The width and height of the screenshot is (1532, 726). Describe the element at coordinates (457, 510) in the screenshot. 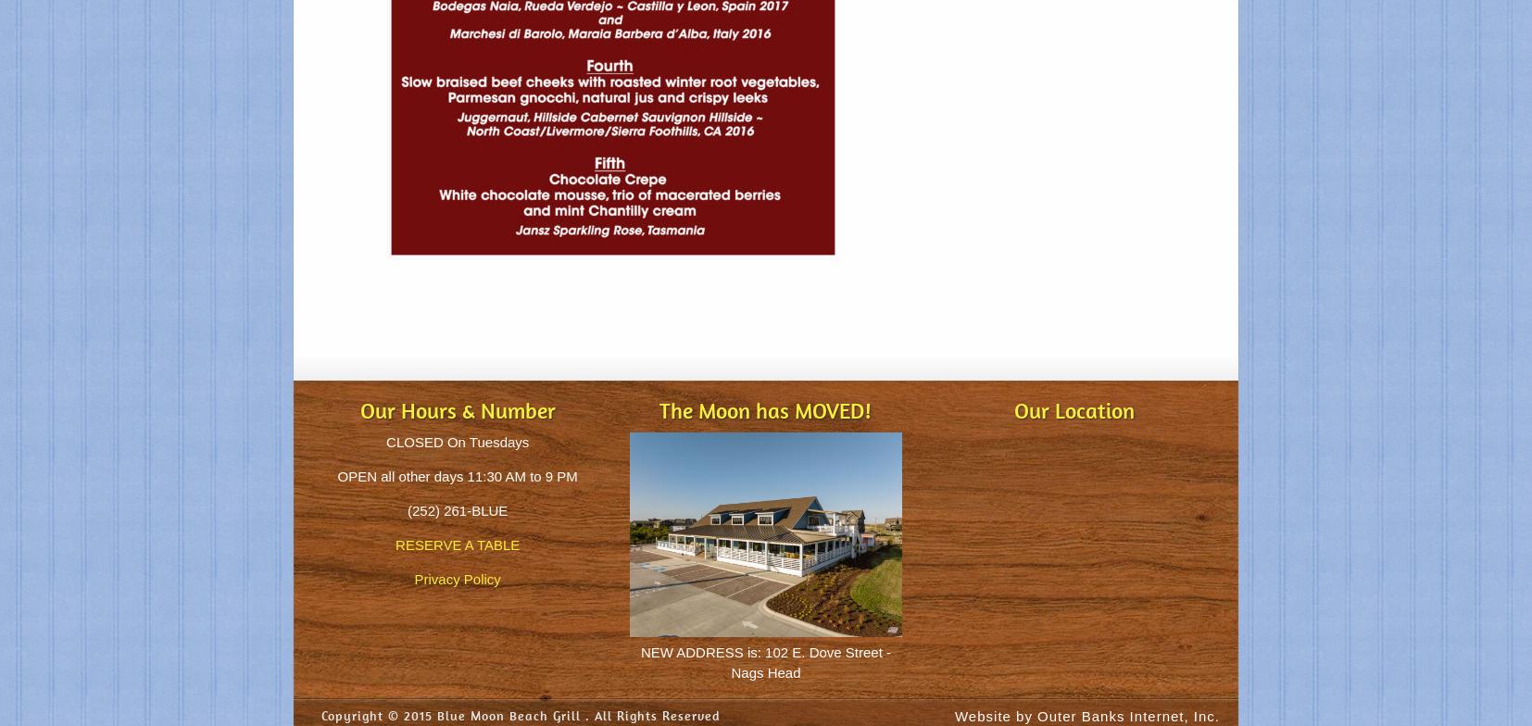

I see `'(252) 261-BLUE'` at that location.